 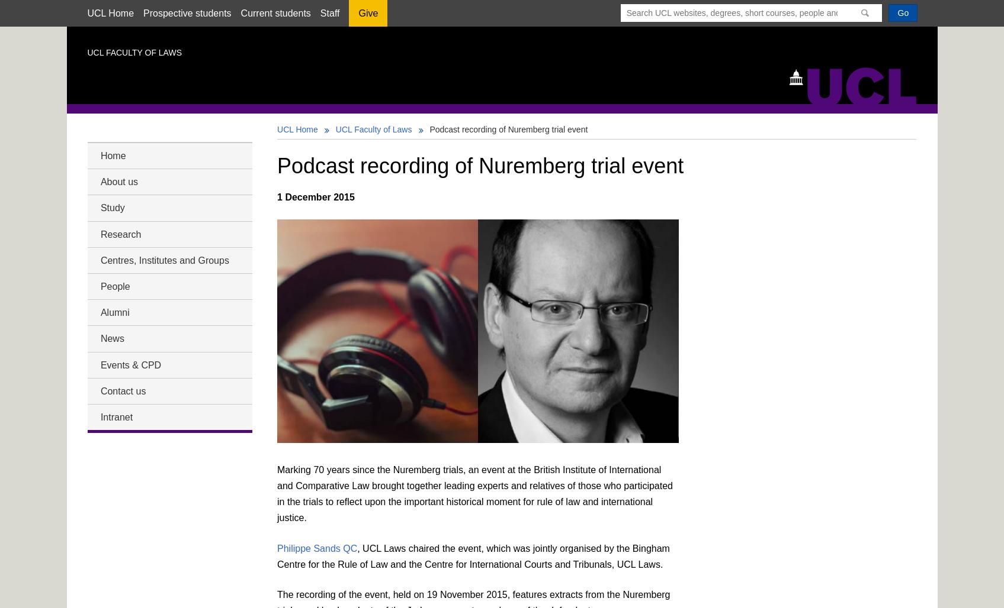 I want to click on 'Alumni', so click(x=114, y=312).